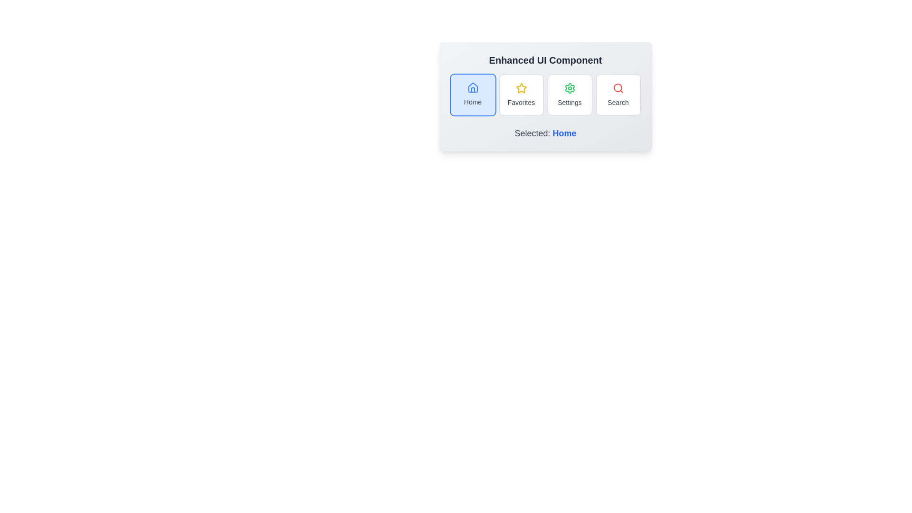  What do you see at coordinates (521, 88) in the screenshot?
I see `the star icon, which represents the 'Favorites' feature` at bounding box center [521, 88].